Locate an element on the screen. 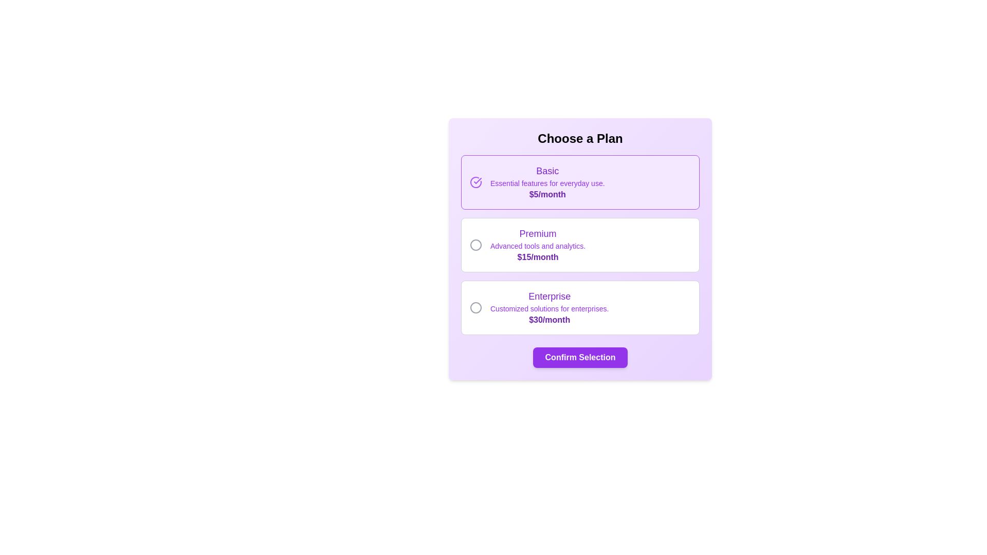 This screenshot has width=987, height=555. the text label that contains 'Essential features for everyday use.' styled in small purple font, located between the title 'Basic' and the price '$5/month' in the Basic subscription option box is located at coordinates (547, 183).